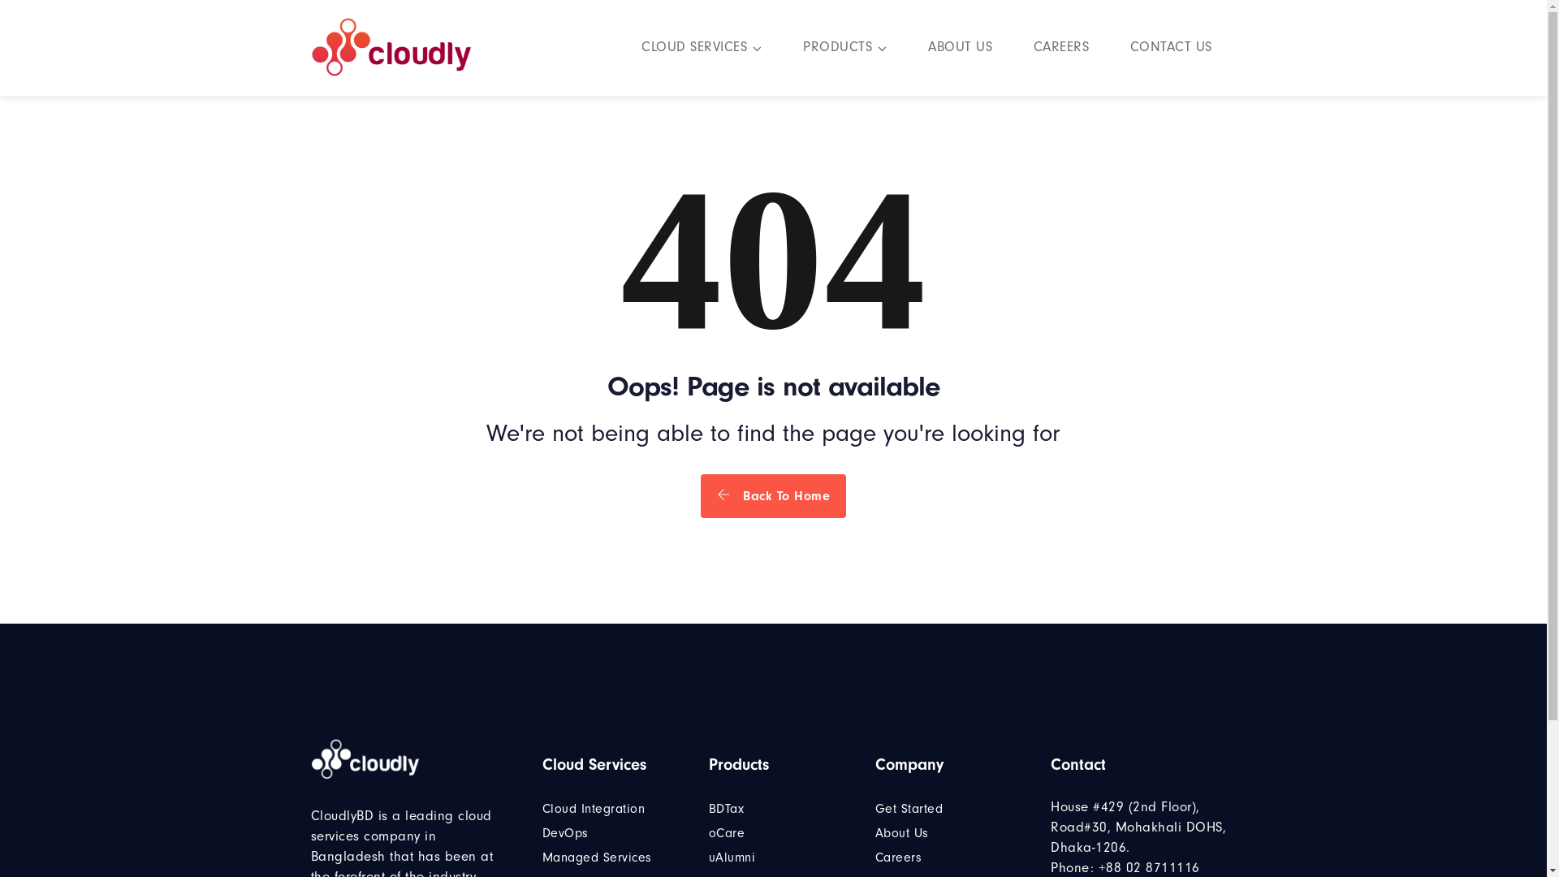 Image resolution: width=1559 pixels, height=877 pixels. Describe the element at coordinates (732, 857) in the screenshot. I see `'uAlumni'` at that location.